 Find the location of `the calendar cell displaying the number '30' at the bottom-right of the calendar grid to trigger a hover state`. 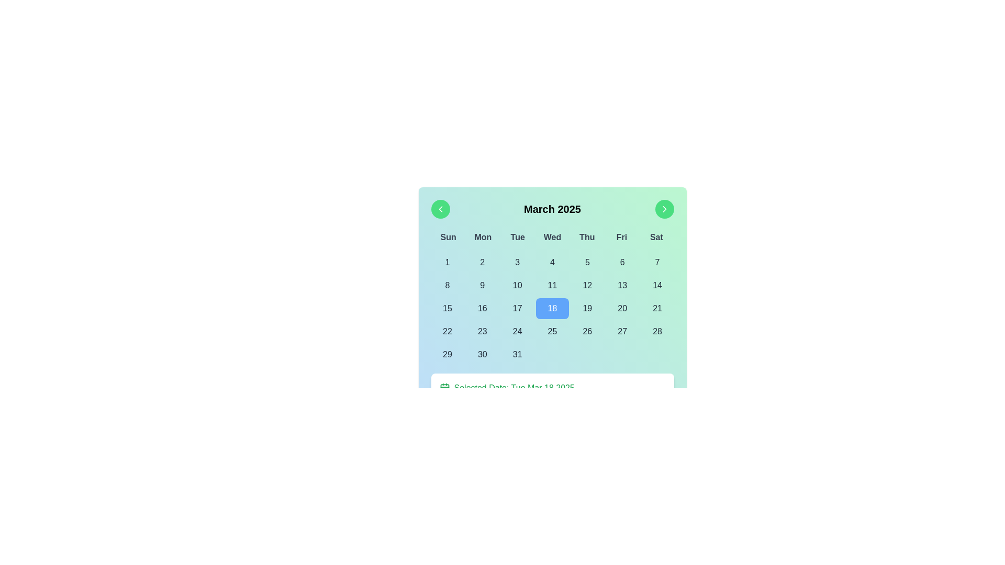

the calendar cell displaying the number '30' at the bottom-right of the calendar grid to trigger a hover state is located at coordinates (482, 354).